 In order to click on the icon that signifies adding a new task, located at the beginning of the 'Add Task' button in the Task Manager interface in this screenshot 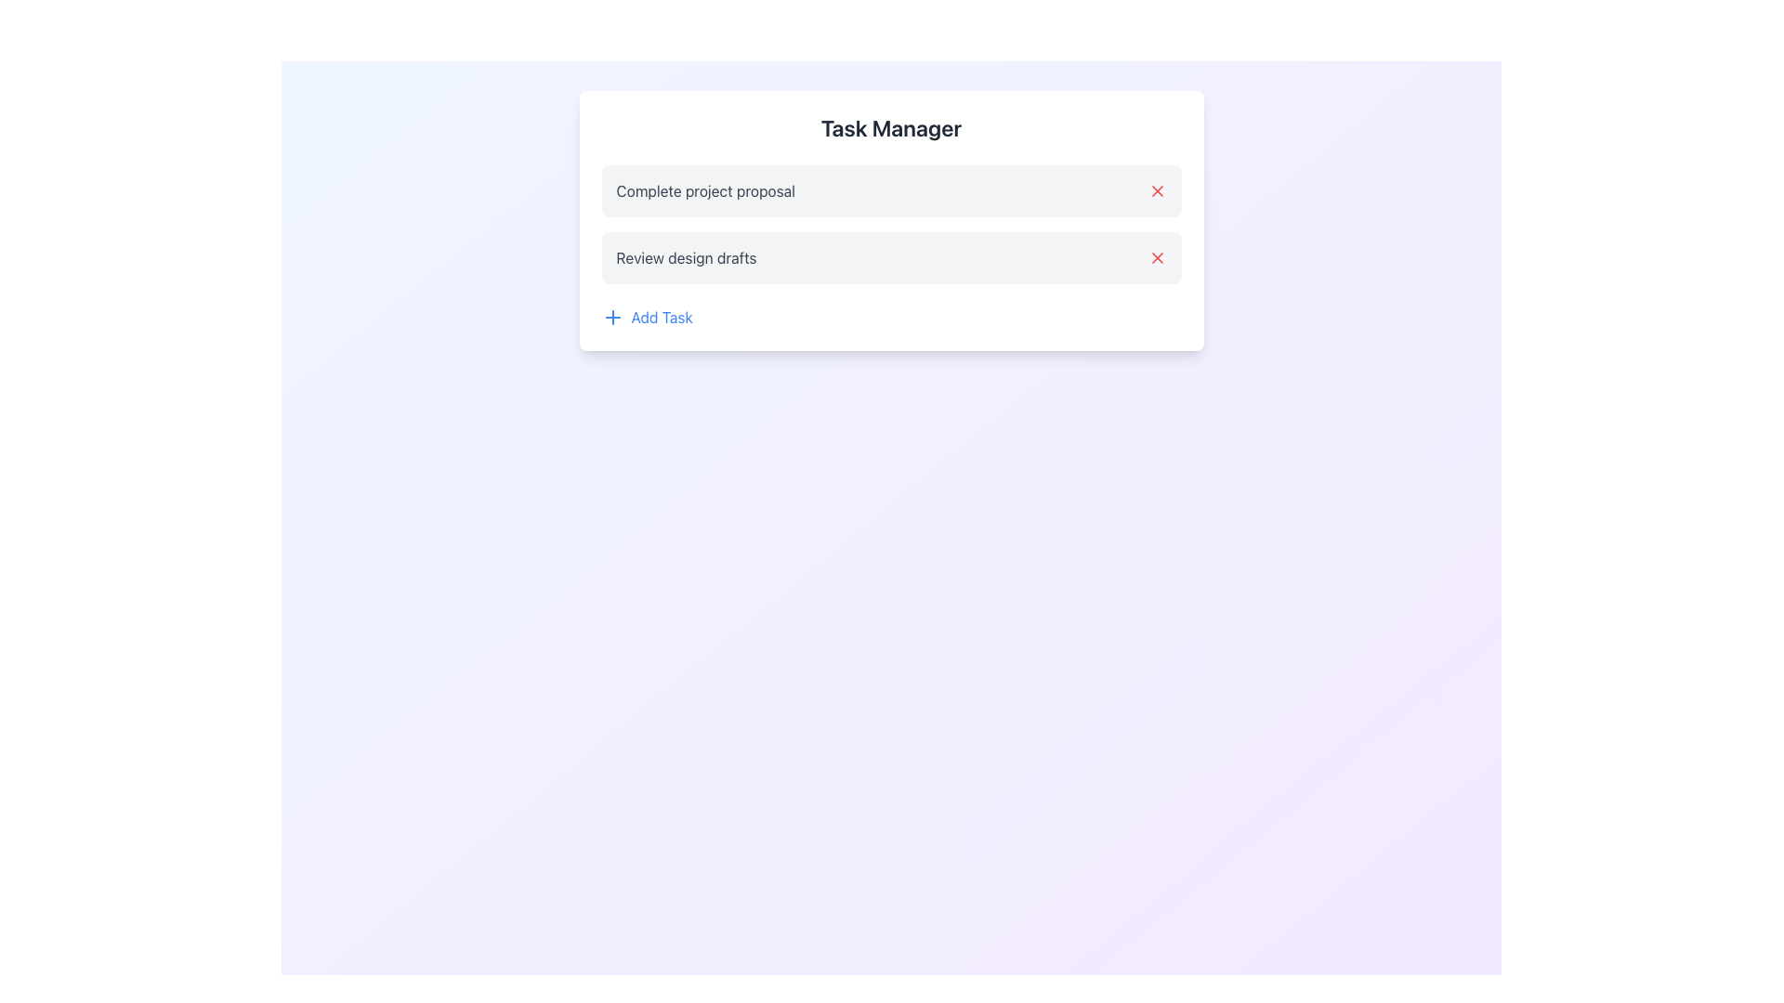, I will do `click(612, 317)`.